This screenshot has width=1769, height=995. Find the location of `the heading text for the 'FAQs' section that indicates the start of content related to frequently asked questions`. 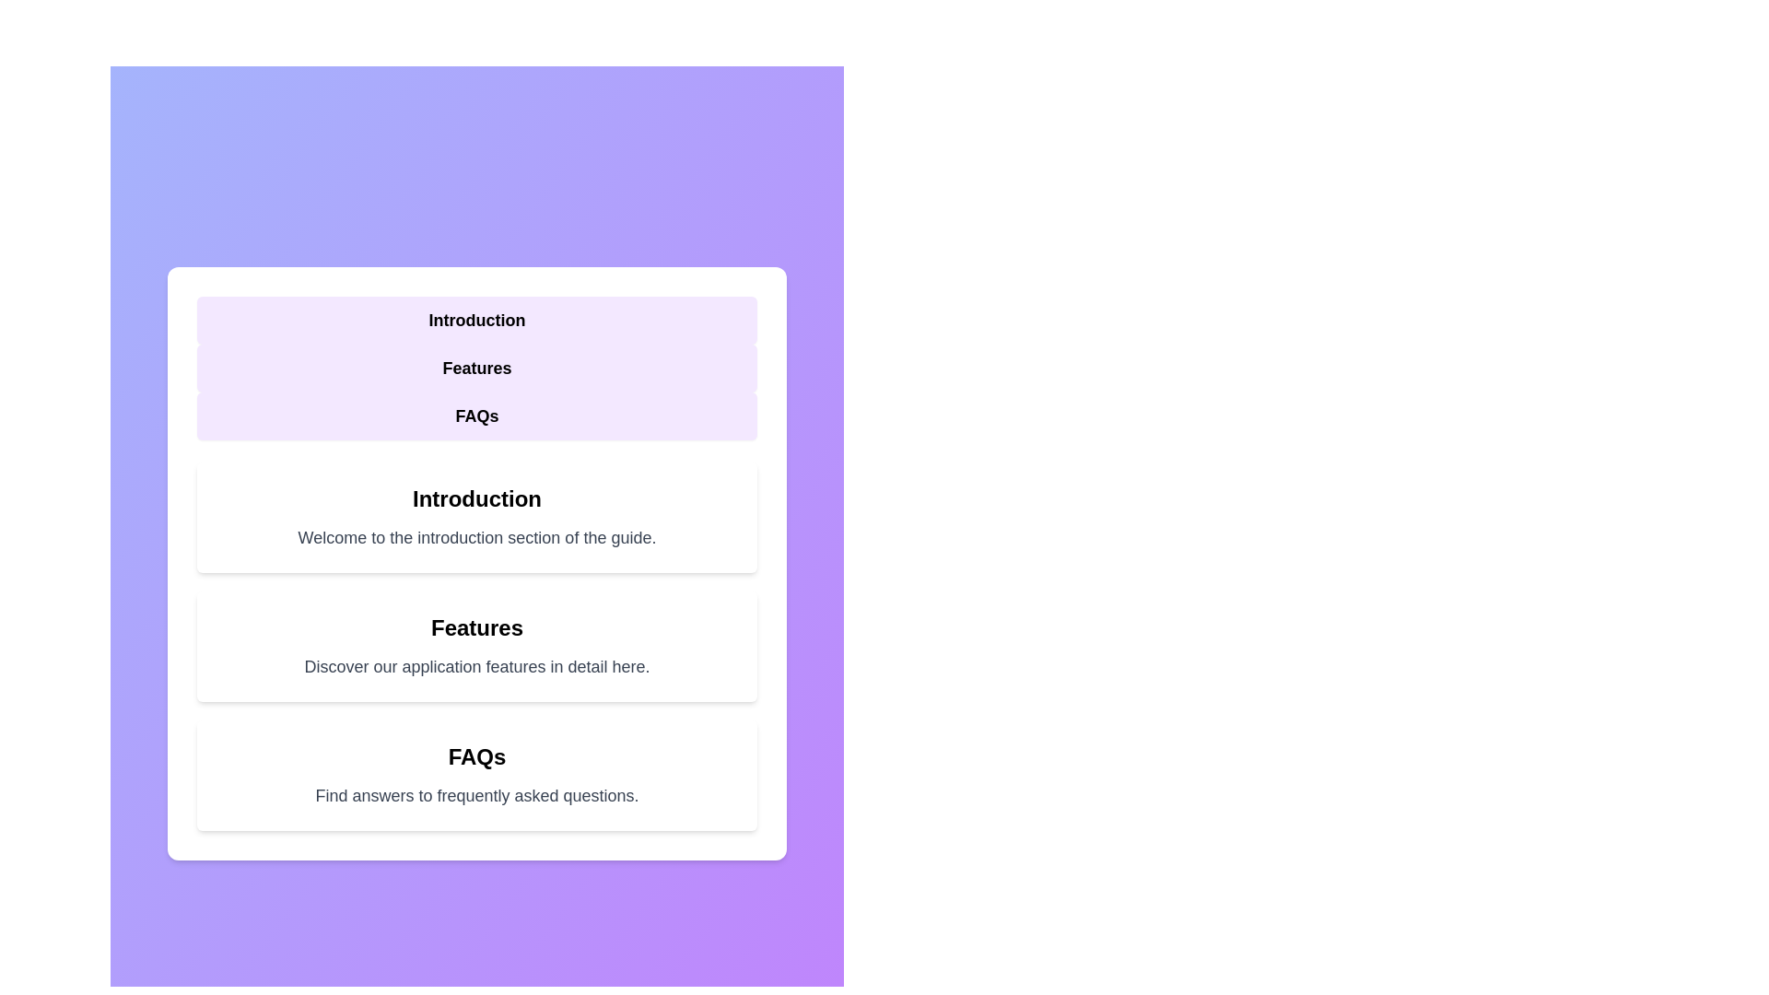

the heading text for the 'FAQs' section that indicates the start of content related to frequently asked questions is located at coordinates (477, 756).